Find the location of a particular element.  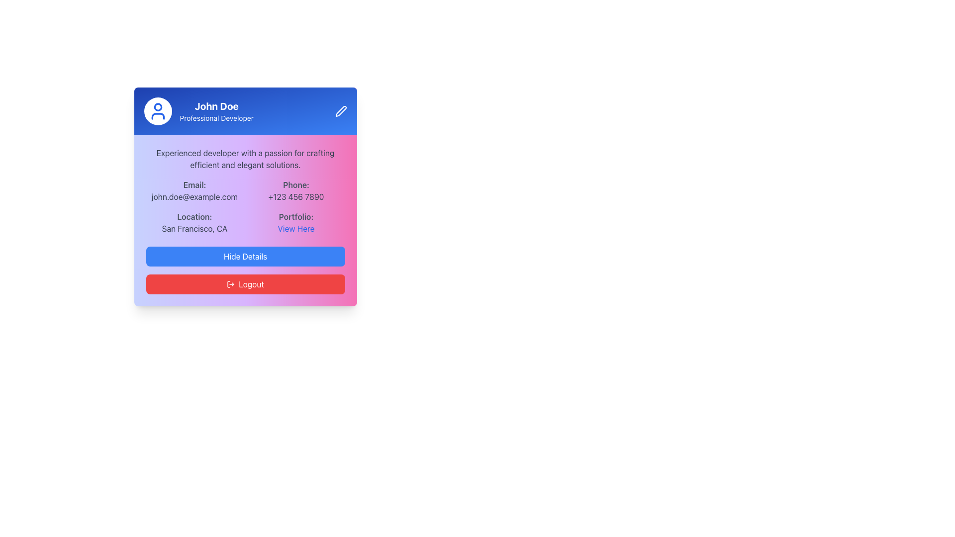

the text label displaying 'John Doe', which is styled in bold and larger font on a blue background, located in the upper section of the user profile card is located at coordinates (216, 106).